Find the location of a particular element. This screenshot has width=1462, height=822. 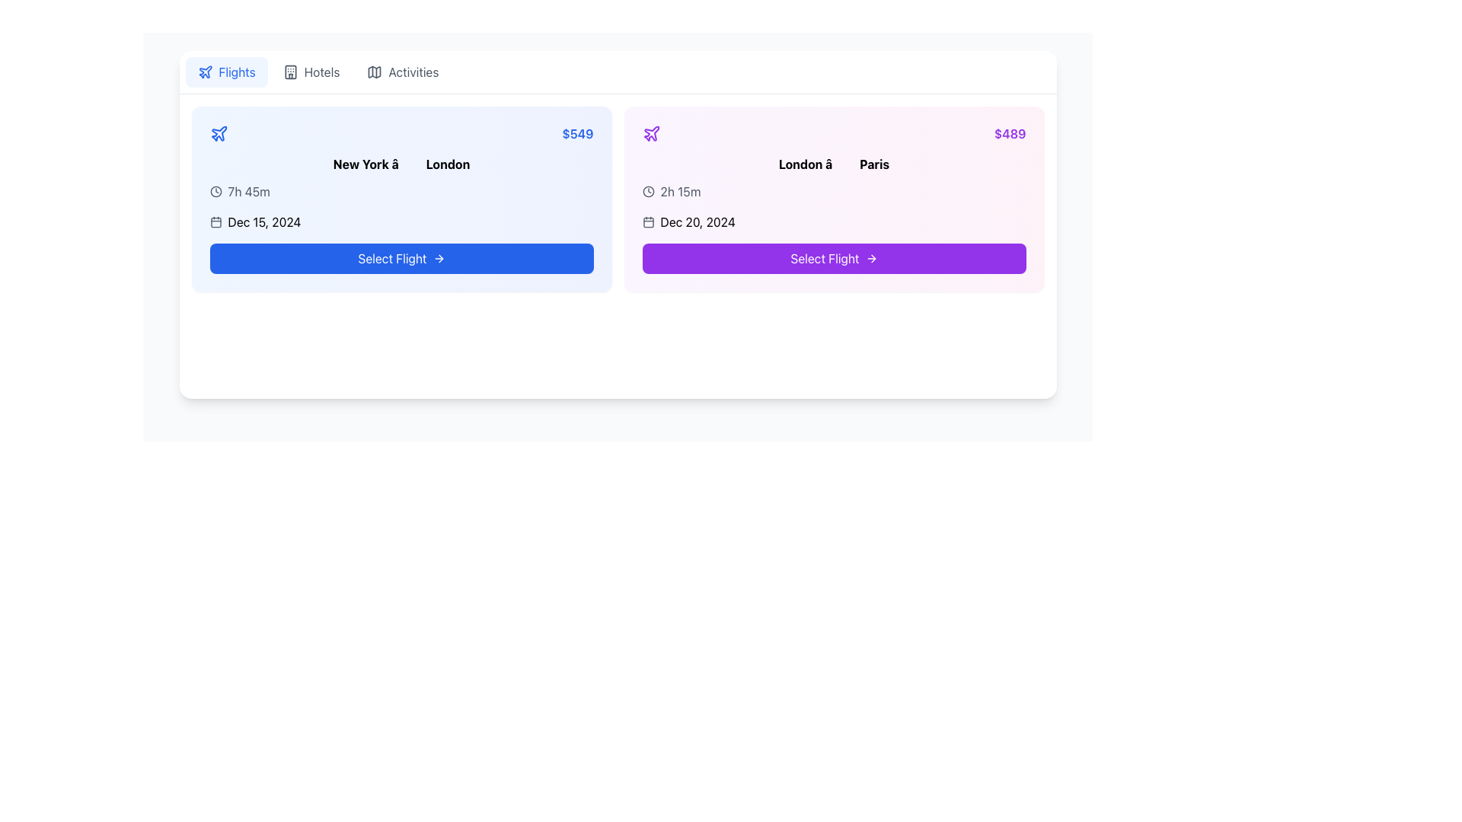

the map icon in the application's navigation bar, which is part of the 'Activities' section and is visually characterized by a stylized outline of folded sections is located at coordinates (375, 72).